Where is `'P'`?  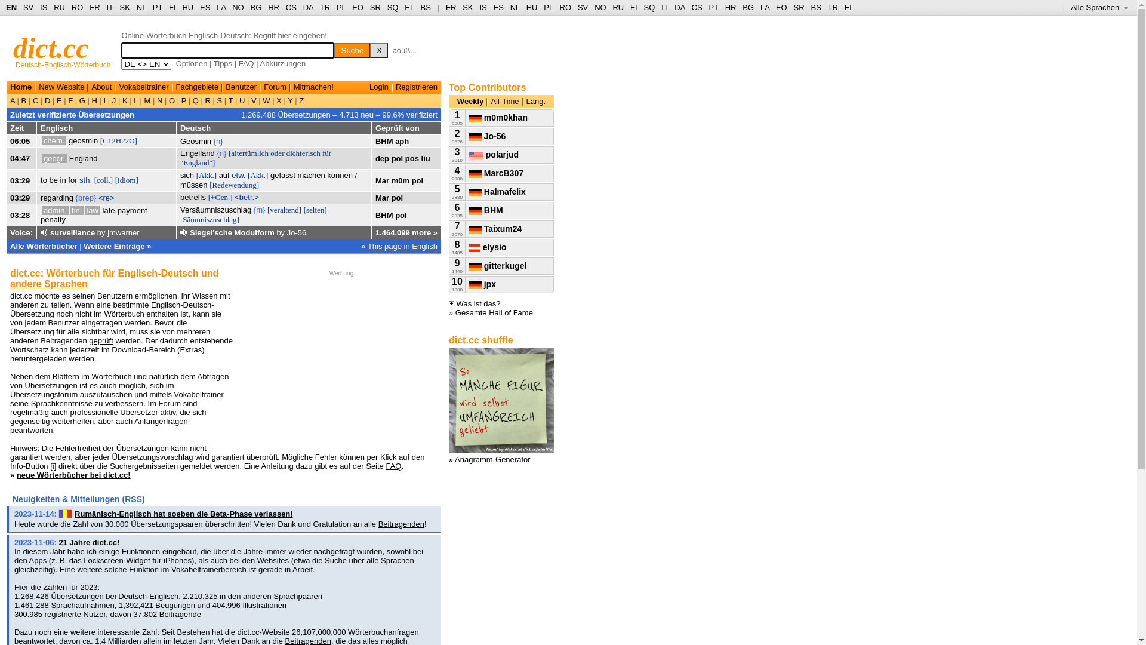 'P' is located at coordinates (178, 100).